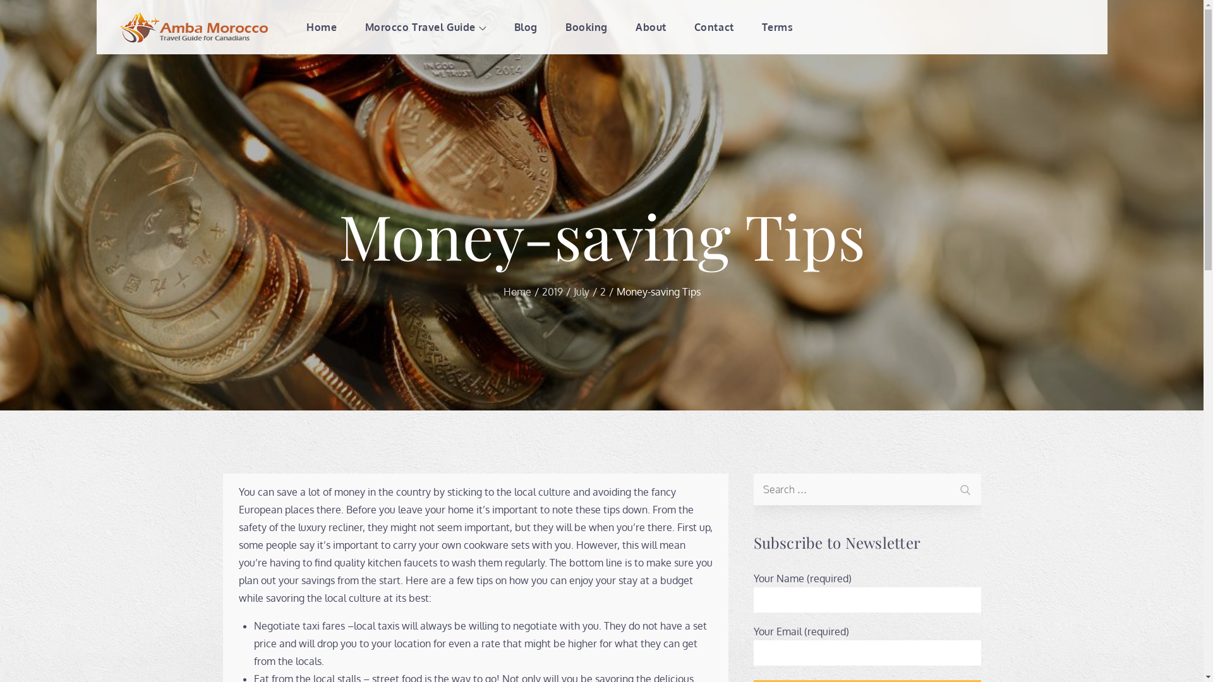  I want to click on 'Blog', so click(526, 27).